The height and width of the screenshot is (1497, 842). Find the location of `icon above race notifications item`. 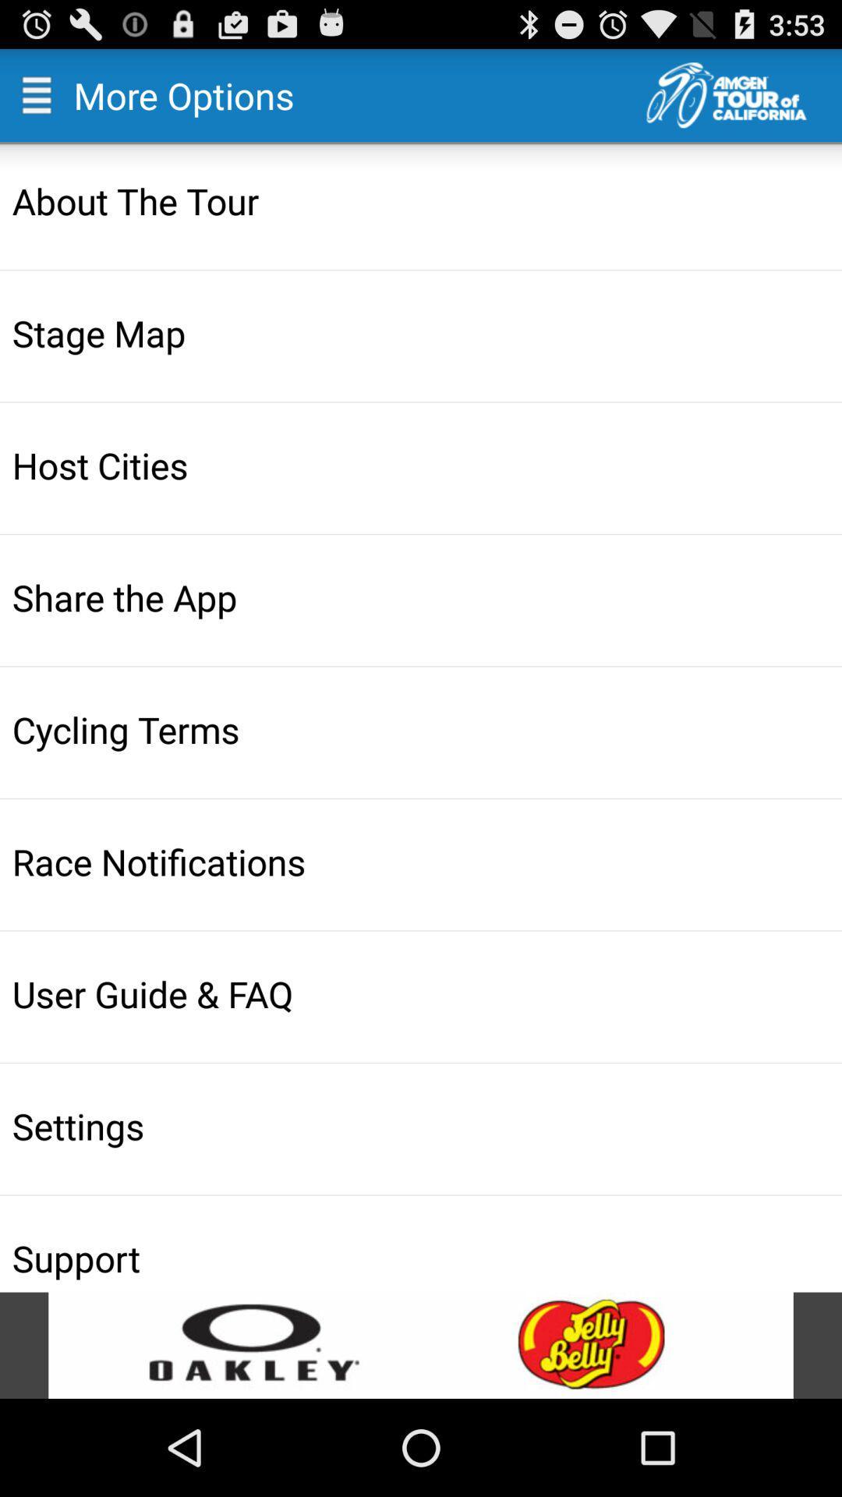

icon above race notifications item is located at coordinates (423, 728).